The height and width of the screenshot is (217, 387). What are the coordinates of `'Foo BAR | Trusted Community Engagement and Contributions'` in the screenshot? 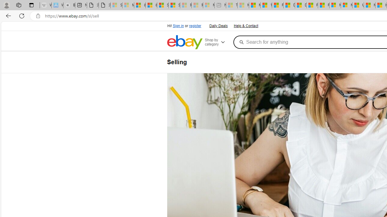 It's located at (323, 5).